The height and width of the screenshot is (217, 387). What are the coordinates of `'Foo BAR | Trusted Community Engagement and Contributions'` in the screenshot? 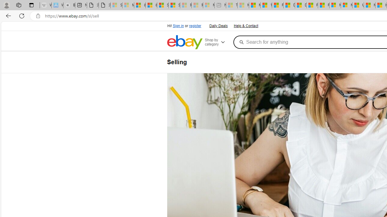 It's located at (323, 5).